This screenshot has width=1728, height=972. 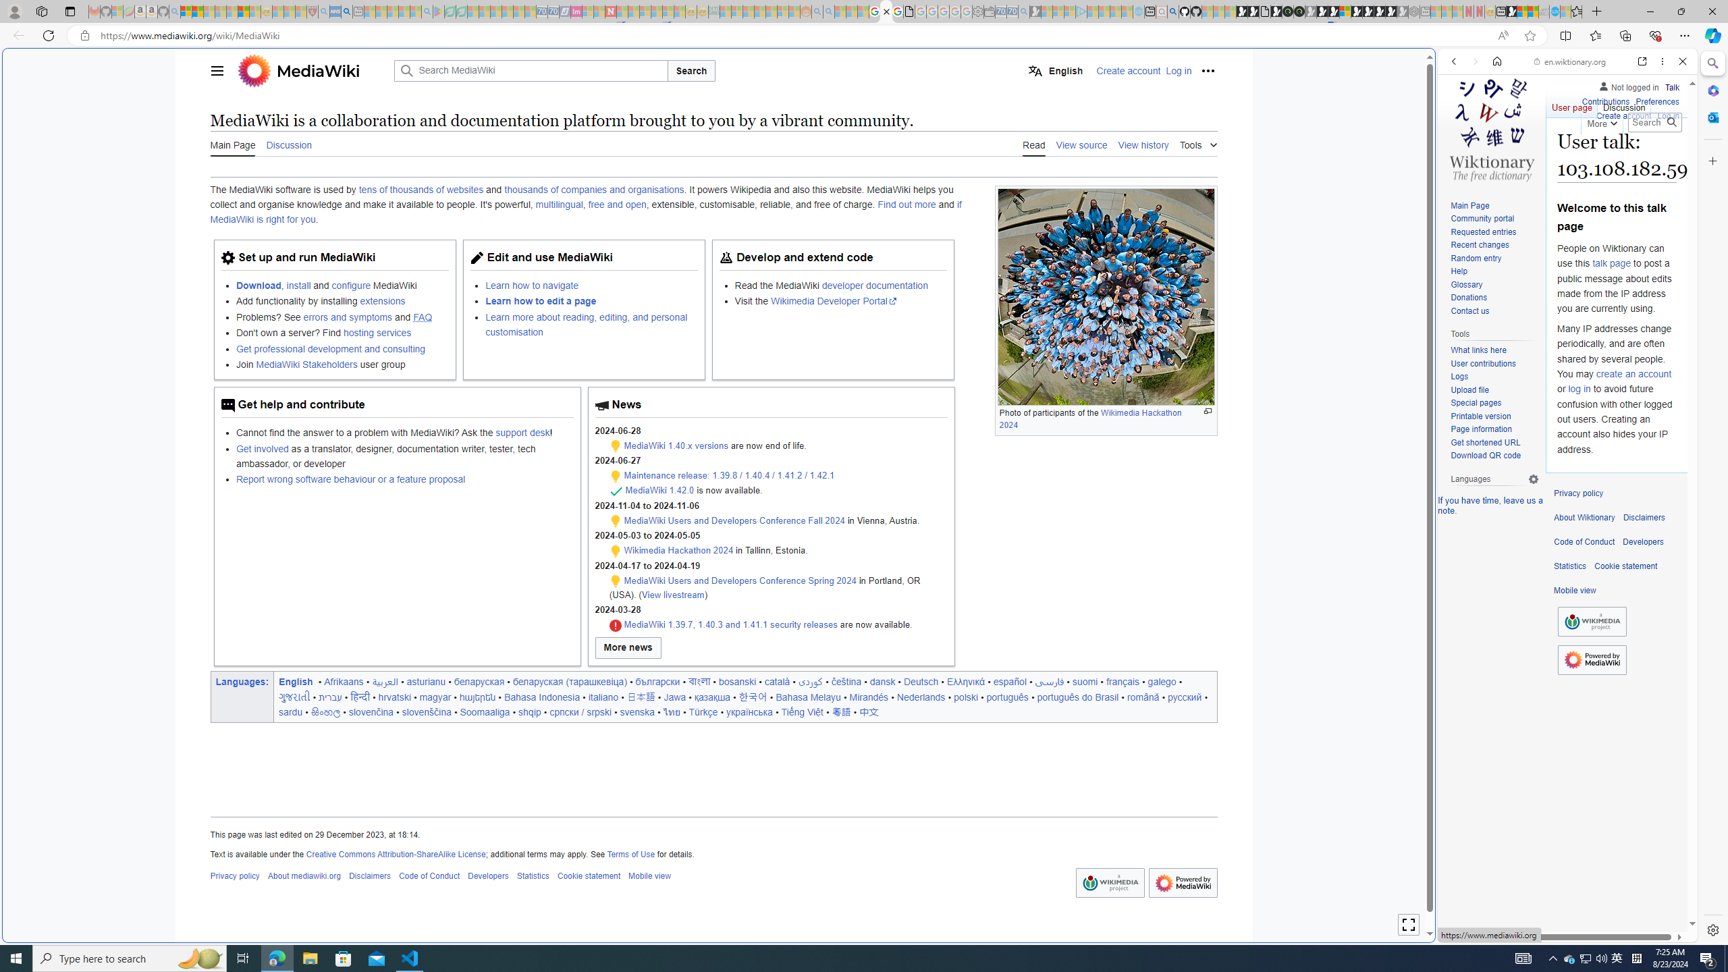 I want to click on 'Join MediaWiki Stakeholders user group', so click(x=341, y=364).